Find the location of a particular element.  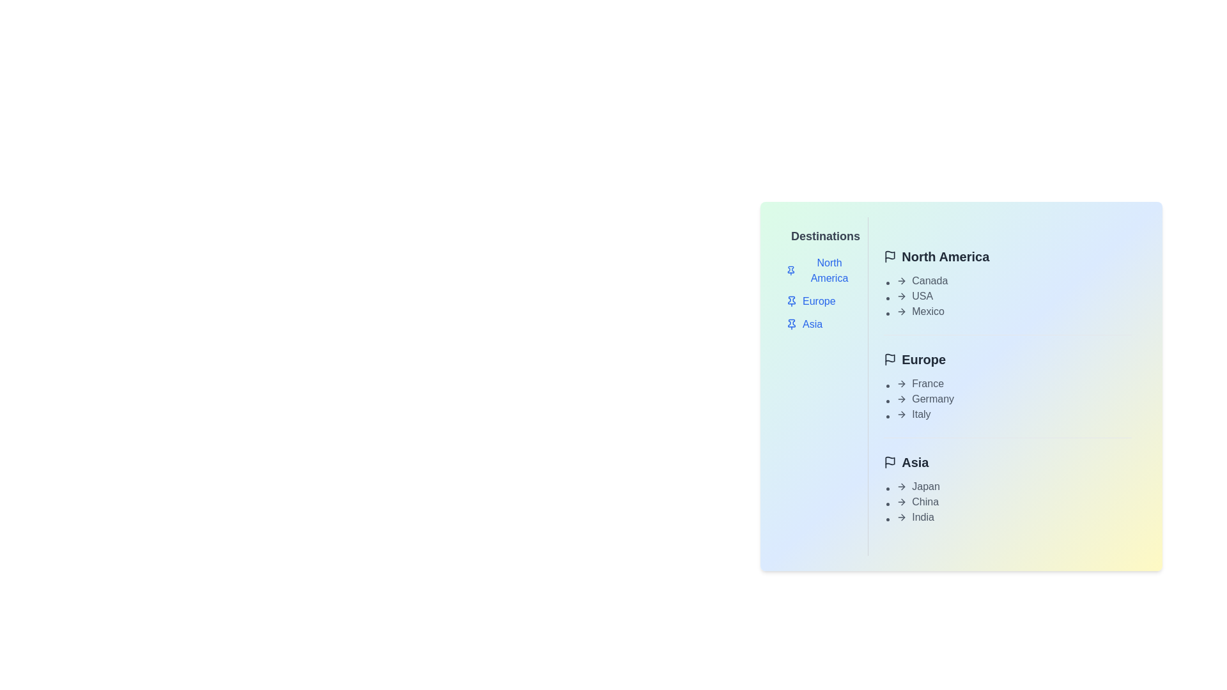

the 'Europe' hyperlink with a pushpin icon in the navigation menu is located at coordinates (822, 301).